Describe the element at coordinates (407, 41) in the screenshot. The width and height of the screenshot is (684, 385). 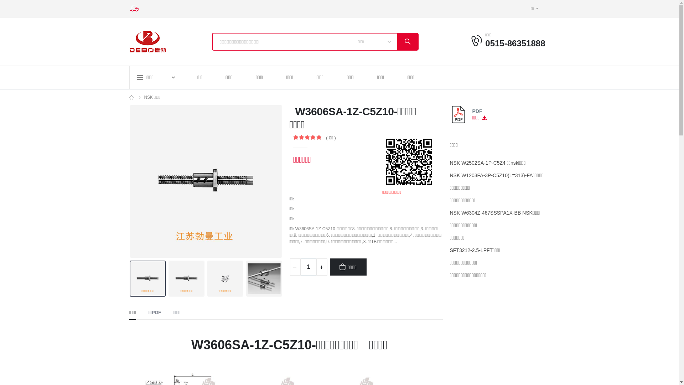
I see `'search'` at that location.